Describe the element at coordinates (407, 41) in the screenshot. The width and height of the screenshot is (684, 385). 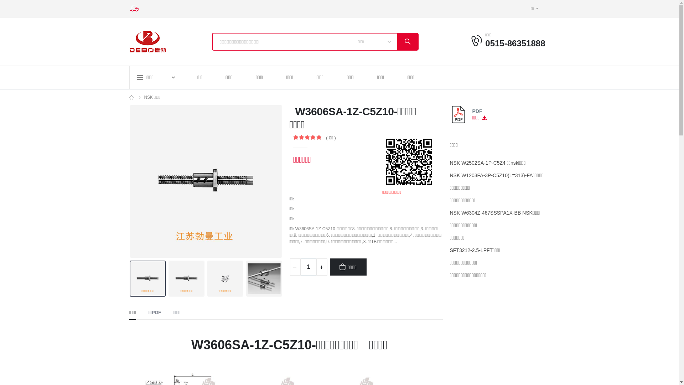
I see `'search'` at that location.